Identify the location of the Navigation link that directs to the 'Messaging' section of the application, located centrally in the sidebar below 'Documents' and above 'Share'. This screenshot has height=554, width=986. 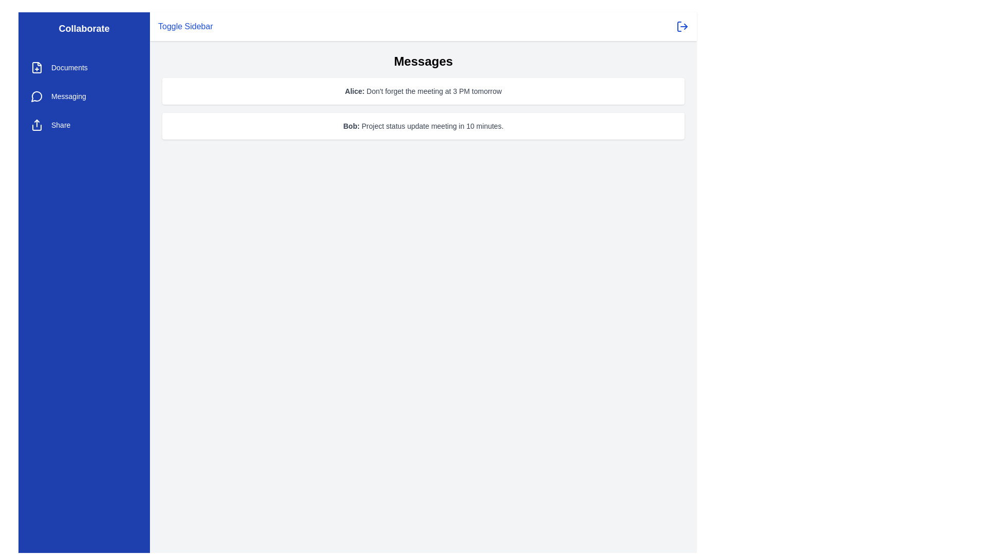
(84, 96).